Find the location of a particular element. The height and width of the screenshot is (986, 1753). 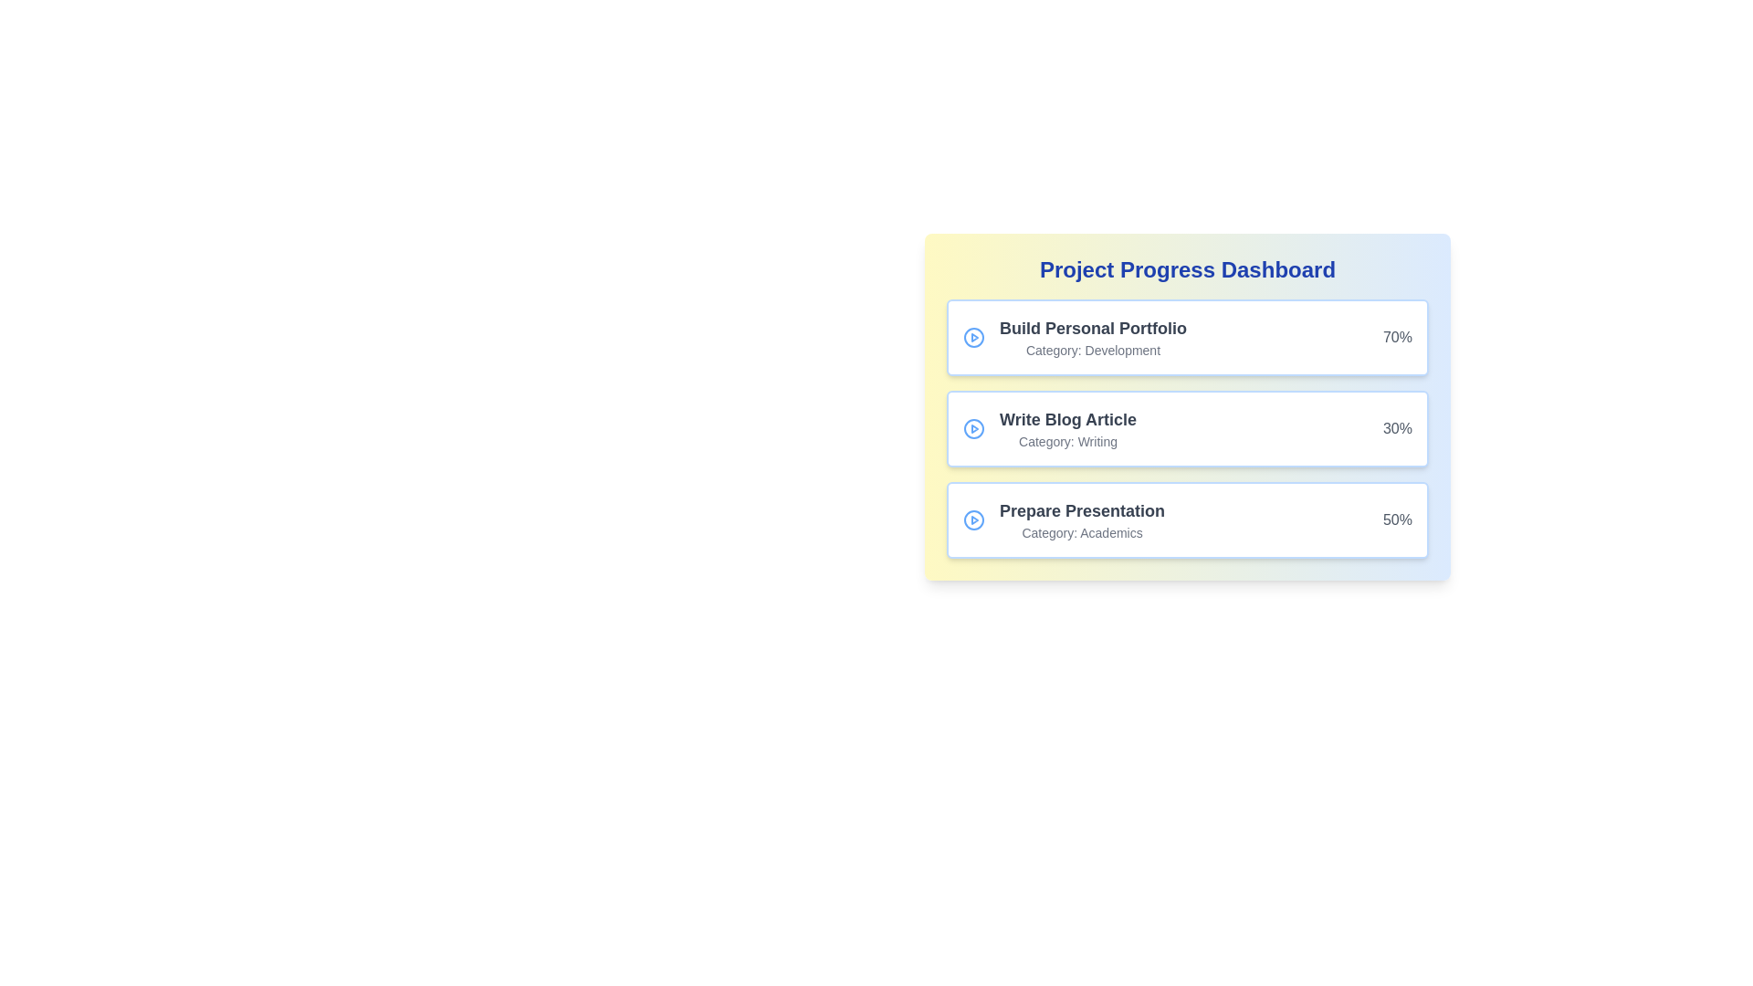

the Text Display element that shows '30%' in medium gray font, located at the bottom-right corner of a card component in the middle segment of a vertical list of cards is located at coordinates (1397, 429).